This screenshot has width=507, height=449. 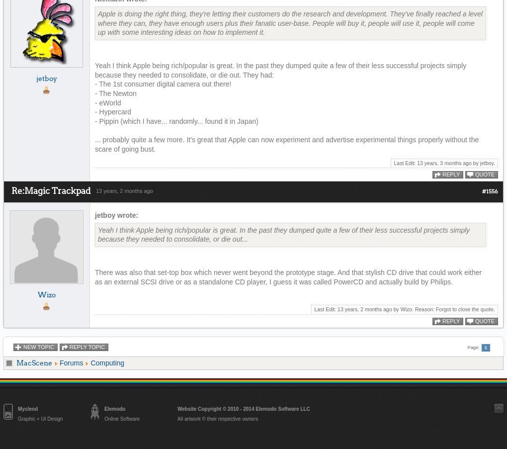 What do you see at coordinates (175, 121) in the screenshot?
I see `'- Pippin (which I have... randomly... found it in Japan)'` at bounding box center [175, 121].